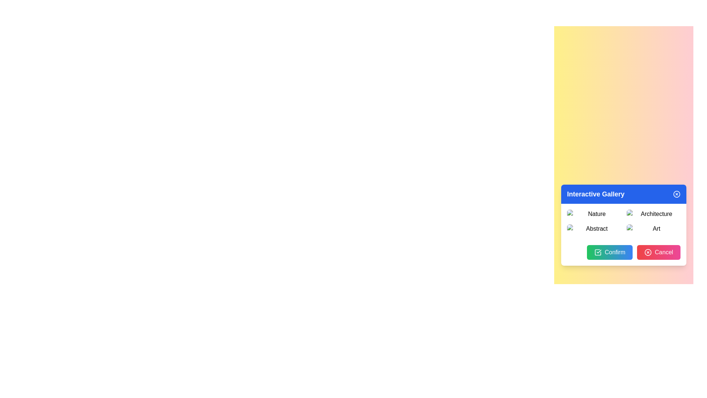 The image size is (707, 398). I want to click on the close button located in the top-right corner of the 'Interactive Gallery' header, so click(677, 194).